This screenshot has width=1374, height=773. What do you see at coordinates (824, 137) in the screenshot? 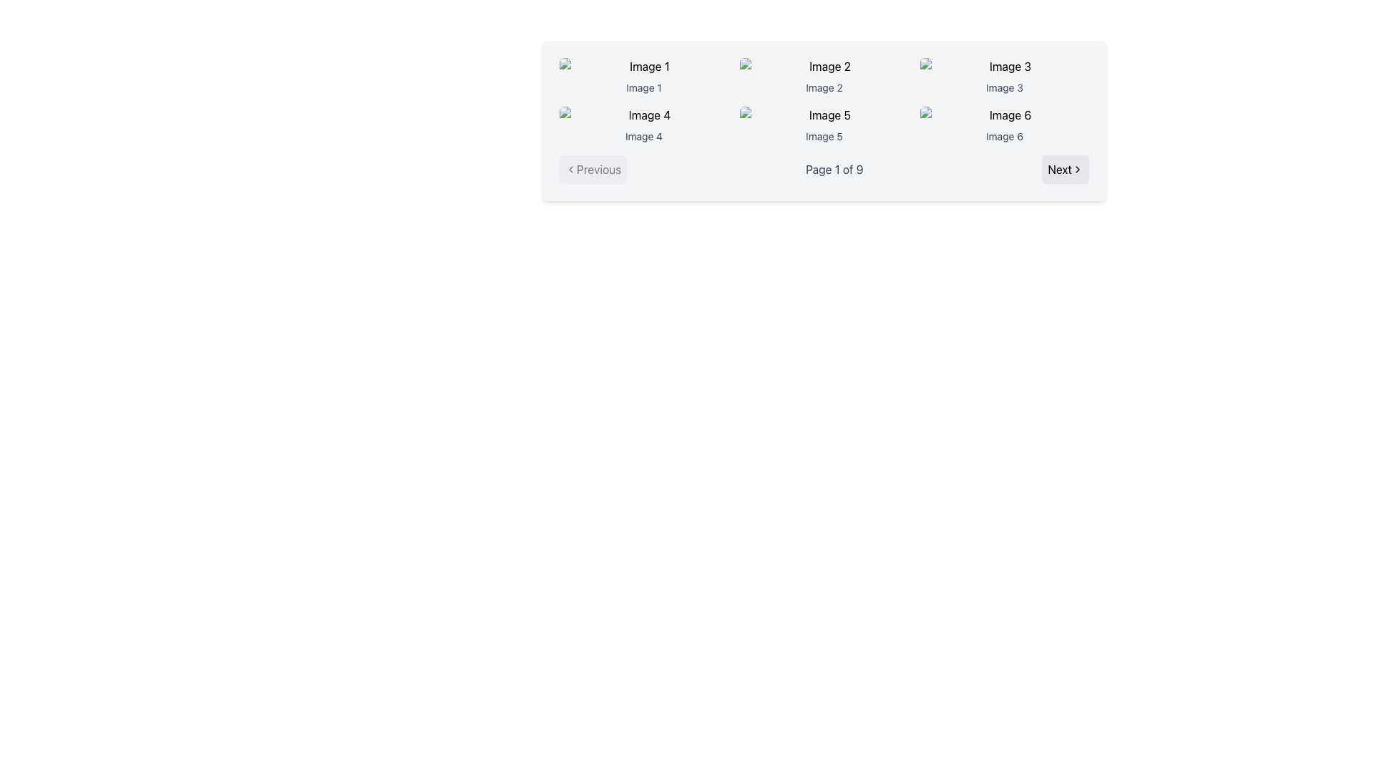
I see `text label located underneath the thumbnail of 'Image 5' in the grid layout, which serves as a description or identifier for the image` at bounding box center [824, 137].